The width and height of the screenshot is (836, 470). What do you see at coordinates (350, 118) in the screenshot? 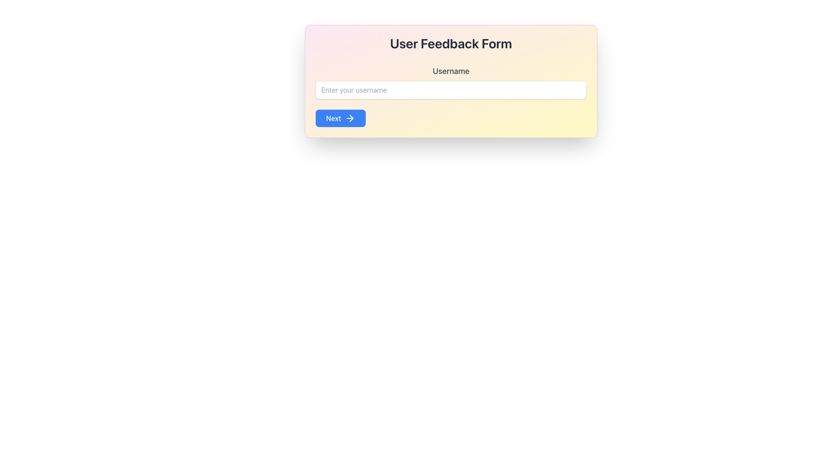
I see `the visual representation of the arrow icon located on the rightmost side of the 'Next' button at the bottom left of the centered card` at bounding box center [350, 118].